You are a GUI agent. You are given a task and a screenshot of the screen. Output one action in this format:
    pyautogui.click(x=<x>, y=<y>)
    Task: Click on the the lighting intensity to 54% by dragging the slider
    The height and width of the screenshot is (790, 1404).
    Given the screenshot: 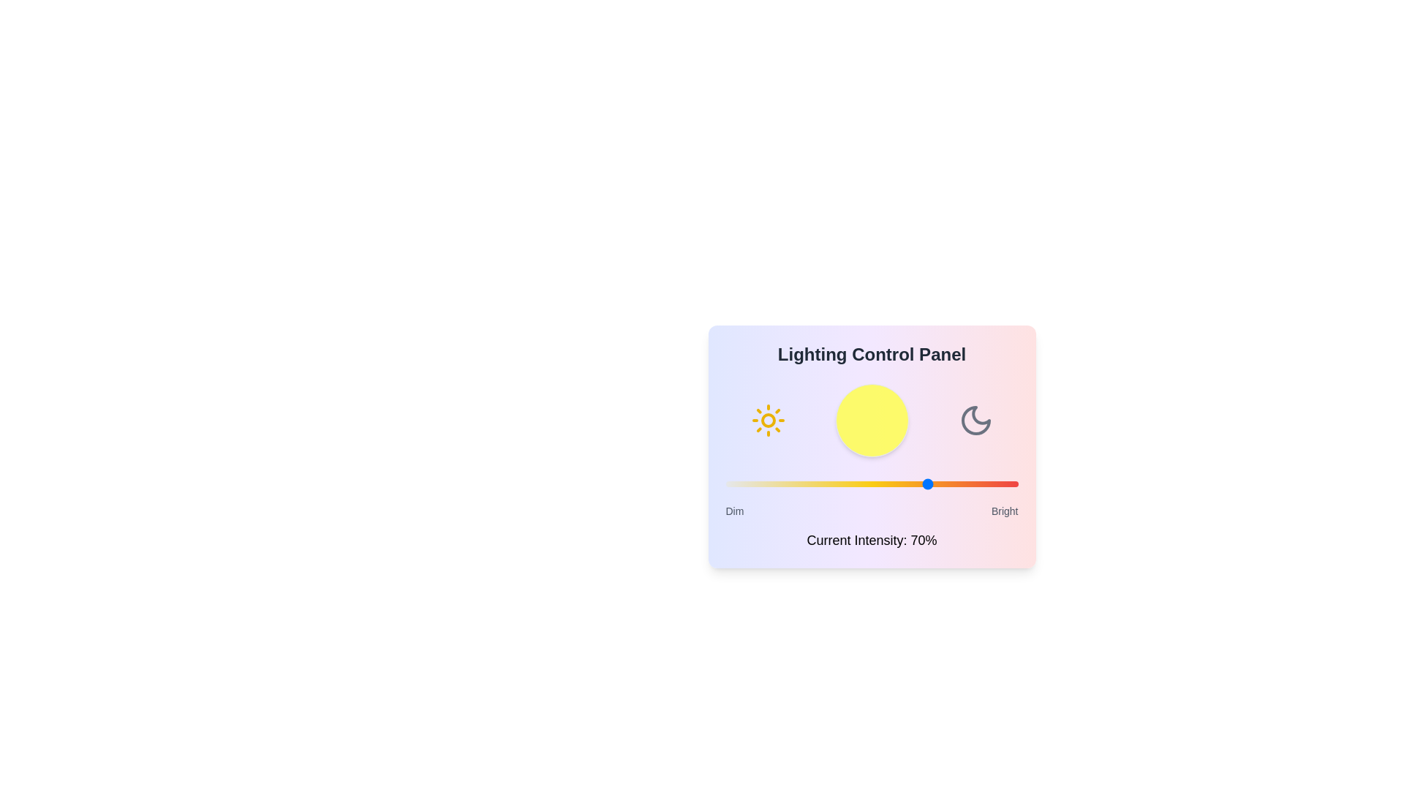 What is the action you would take?
    pyautogui.click(x=883, y=484)
    